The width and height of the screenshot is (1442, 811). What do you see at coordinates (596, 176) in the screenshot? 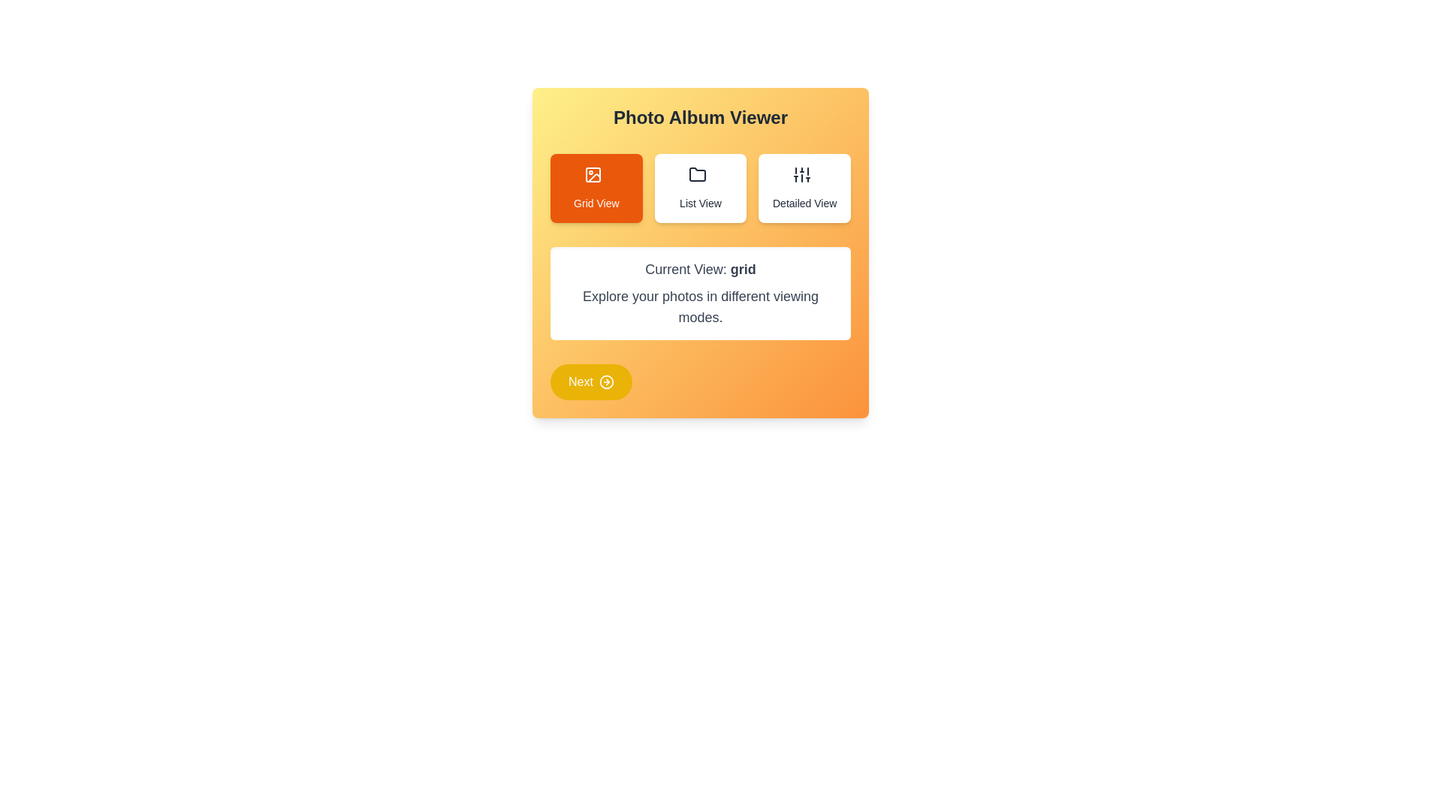
I see `the first square orange button with an image icon located under the 'Photo Album Viewer' heading` at bounding box center [596, 176].